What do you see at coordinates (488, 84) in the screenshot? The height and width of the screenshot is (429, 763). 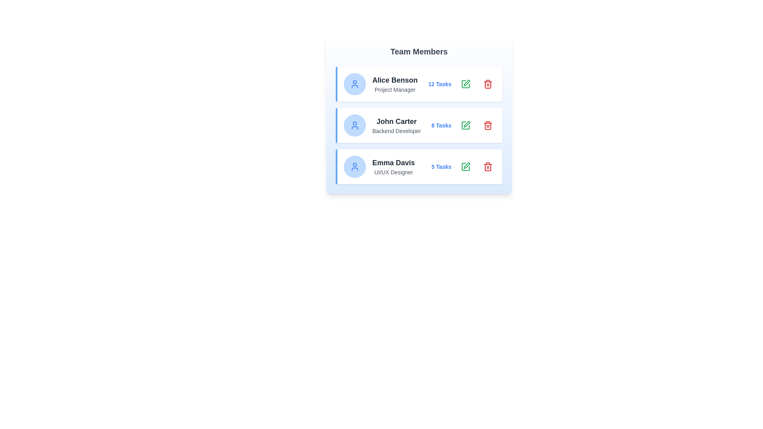 I see `the 'Remove' button for the team member identified by Alice Benson` at bounding box center [488, 84].